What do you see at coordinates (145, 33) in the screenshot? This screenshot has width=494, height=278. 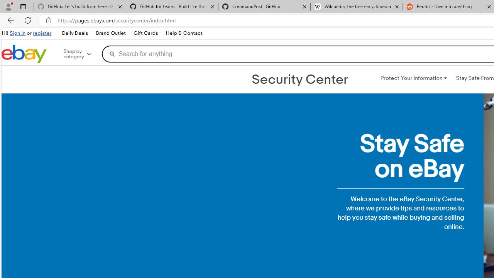 I see `'Gift Cards'` at bounding box center [145, 33].